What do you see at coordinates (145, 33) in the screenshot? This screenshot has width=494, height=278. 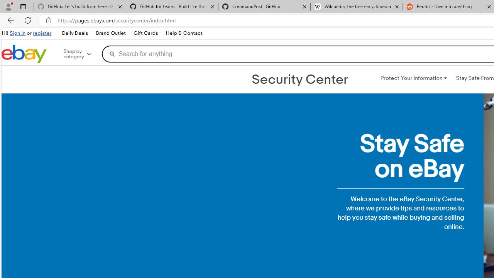 I see `'Gift Cards'` at bounding box center [145, 33].